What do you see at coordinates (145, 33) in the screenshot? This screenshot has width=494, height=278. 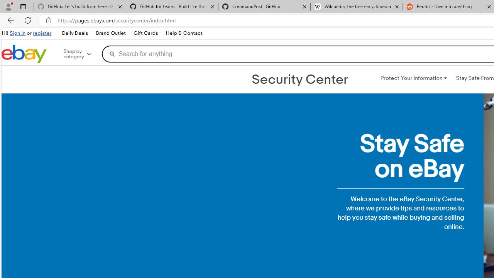 I see `'Gift Cards'` at bounding box center [145, 33].